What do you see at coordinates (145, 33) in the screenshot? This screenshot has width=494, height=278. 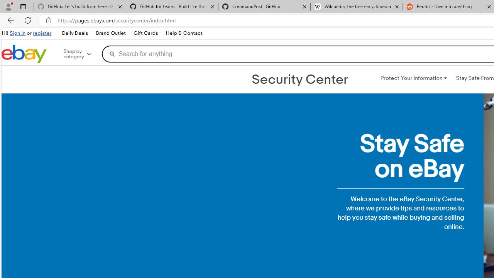 I see `'Gift Cards'` at bounding box center [145, 33].